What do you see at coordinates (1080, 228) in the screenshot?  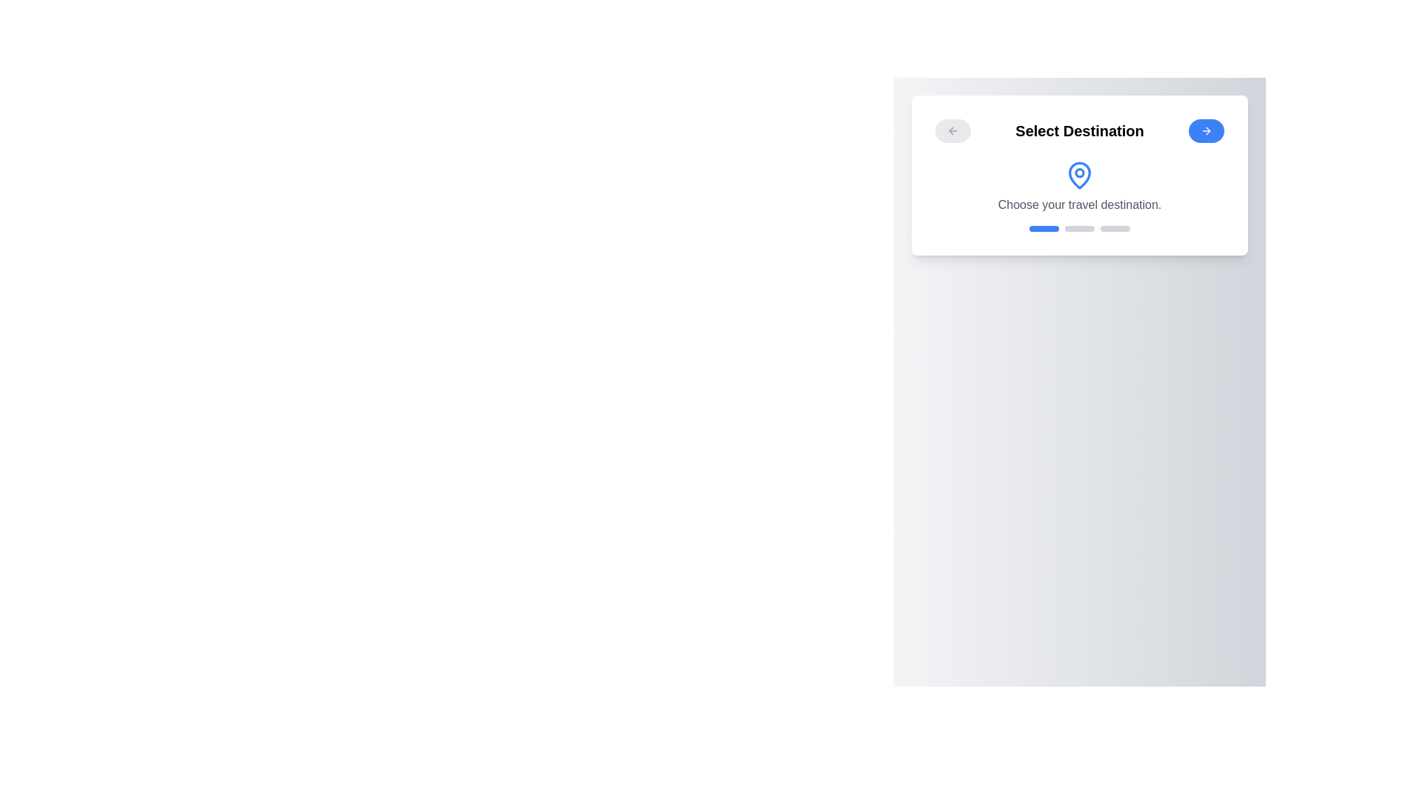 I see `the progress indicator located at the bottom of the white card titled 'Select Destination' with the subtitle 'Choose your travel destination'` at bounding box center [1080, 228].